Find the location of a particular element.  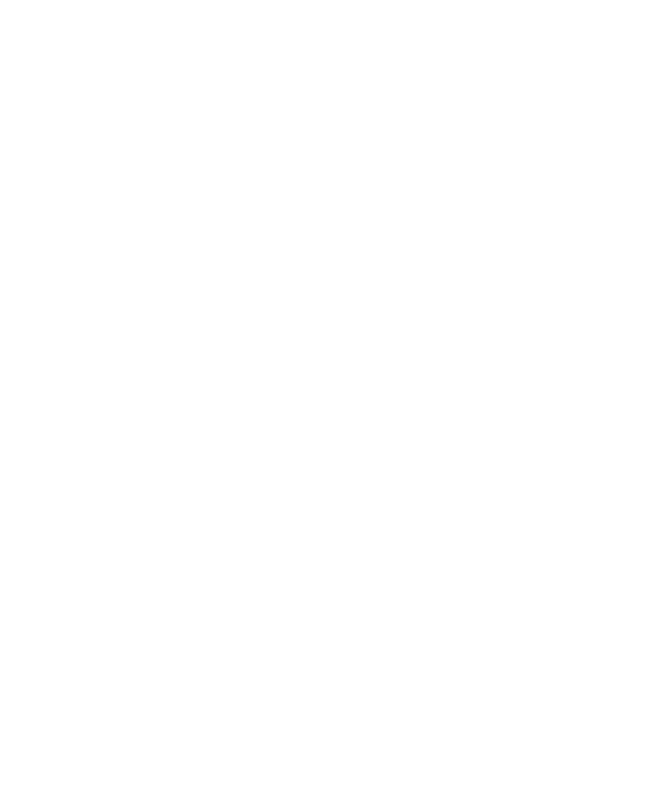

'+91-922-607-7550' is located at coordinates (73, 526).